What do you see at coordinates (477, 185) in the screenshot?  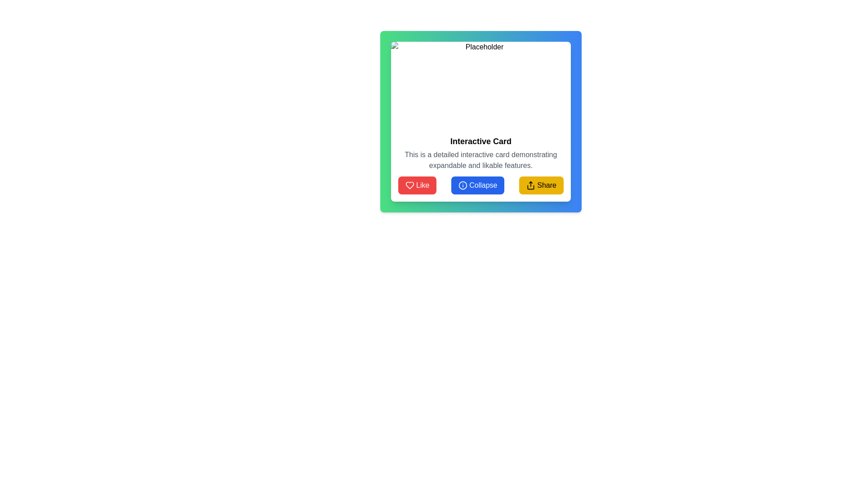 I see `the blue 'Collapse' button with rounded edges and white text` at bounding box center [477, 185].